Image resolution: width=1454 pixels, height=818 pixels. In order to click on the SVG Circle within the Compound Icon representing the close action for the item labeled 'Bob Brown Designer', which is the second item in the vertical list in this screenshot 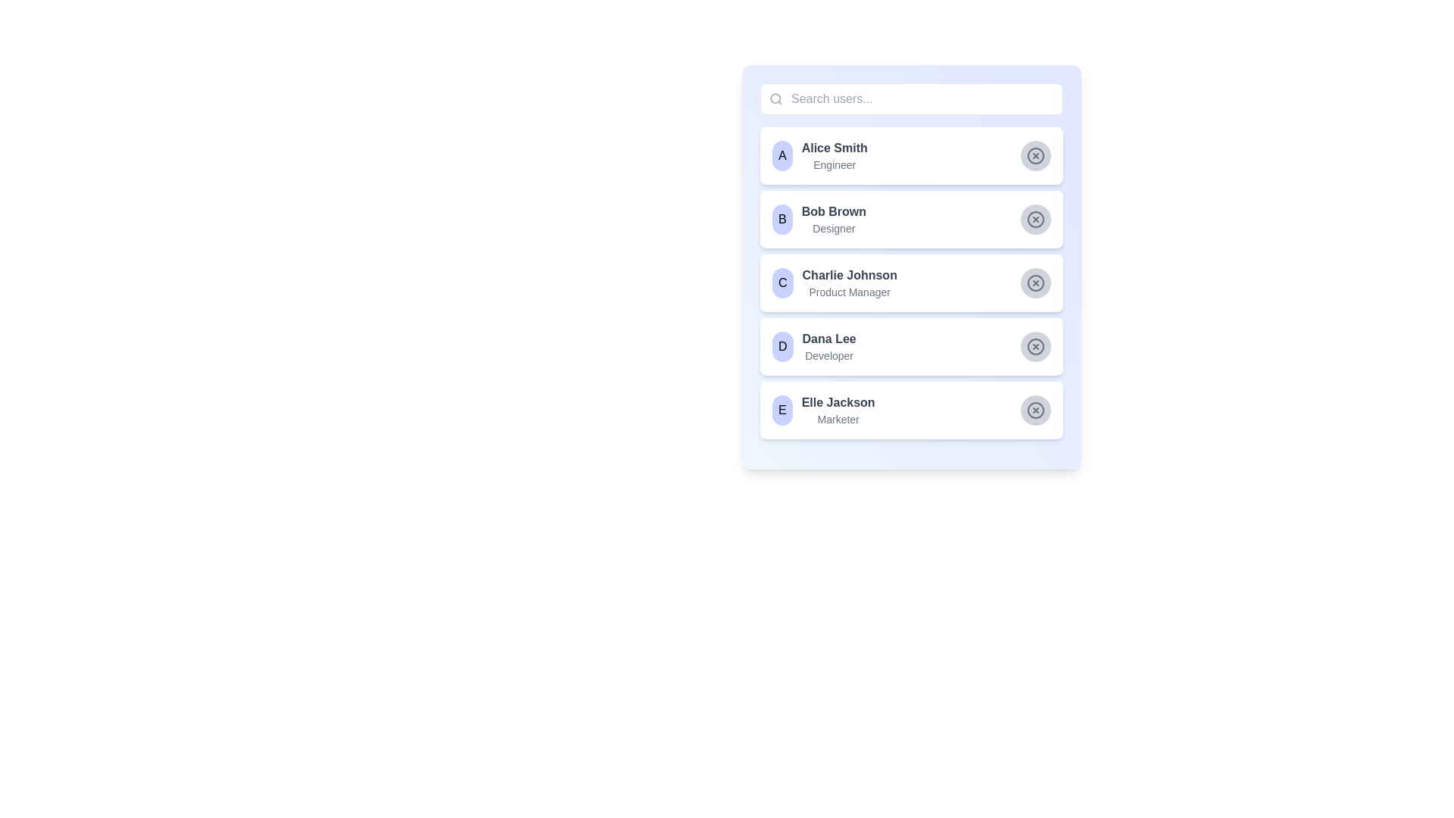, I will do `click(1035, 219)`.